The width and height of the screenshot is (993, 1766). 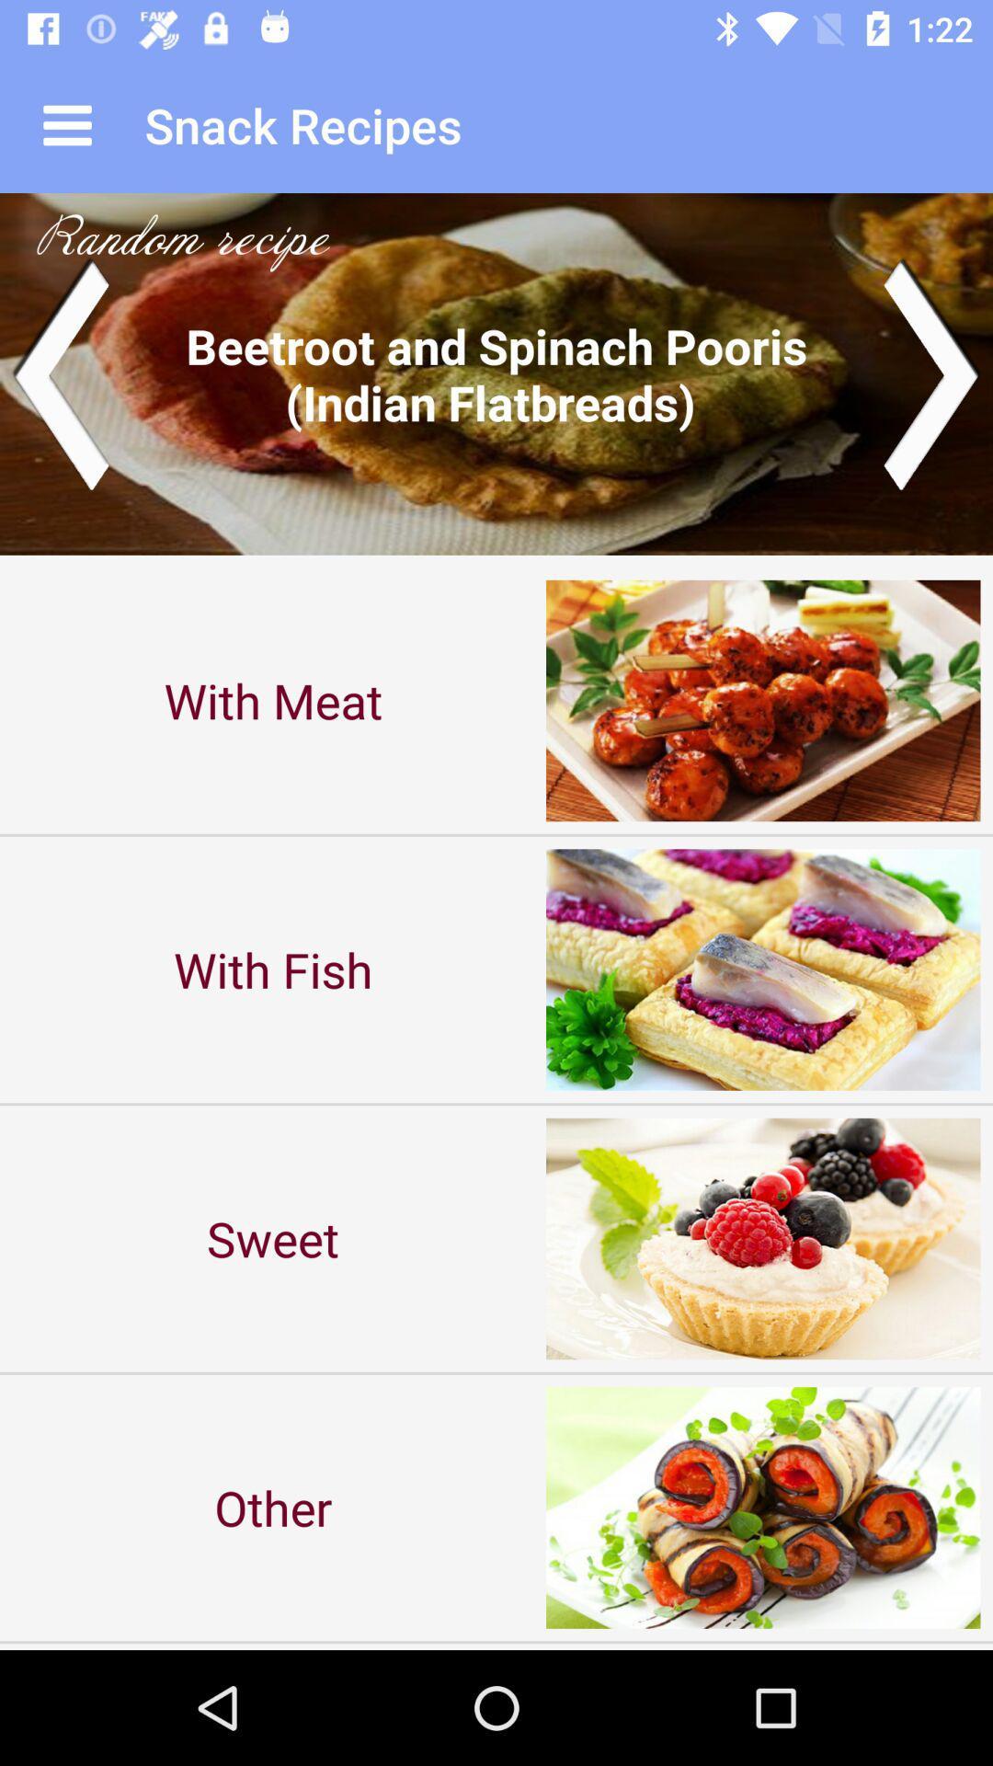 What do you see at coordinates (273, 969) in the screenshot?
I see `the with fish item` at bounding box center [273, 969].